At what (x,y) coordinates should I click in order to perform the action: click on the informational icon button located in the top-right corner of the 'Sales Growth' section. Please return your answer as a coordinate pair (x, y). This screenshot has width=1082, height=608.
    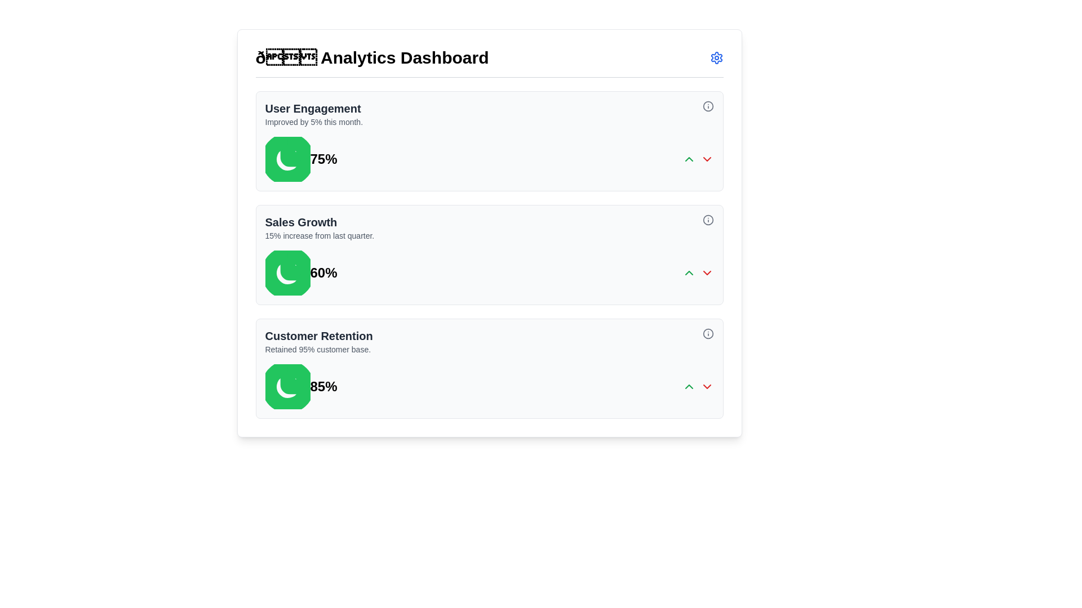
    Looking at the image, I should click on (707, 220).